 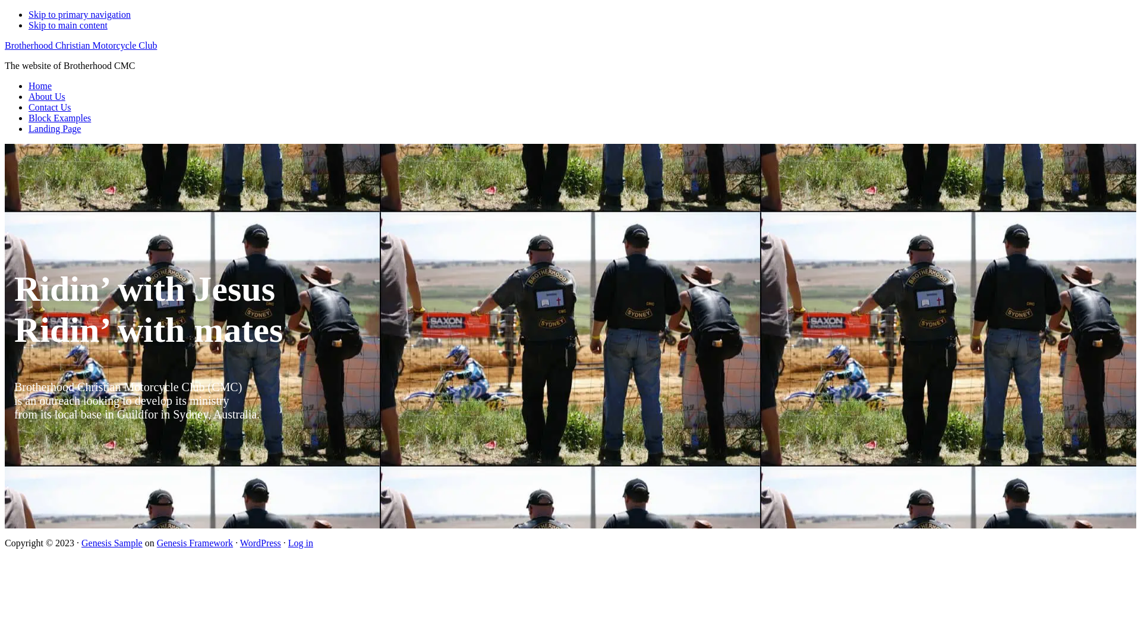 What do you see at coordinates (300, 543) in the screenshot?
I see `'Log in'` at bounding box center [300, 543].